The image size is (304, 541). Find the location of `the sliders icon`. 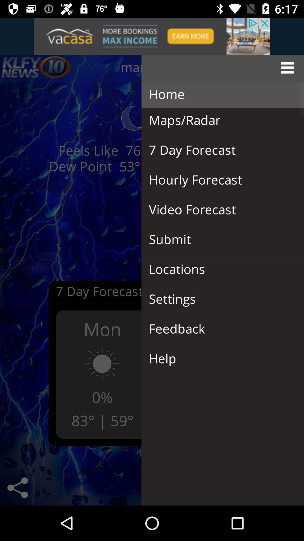

the sliders icon is located at coordinates (37, 68).